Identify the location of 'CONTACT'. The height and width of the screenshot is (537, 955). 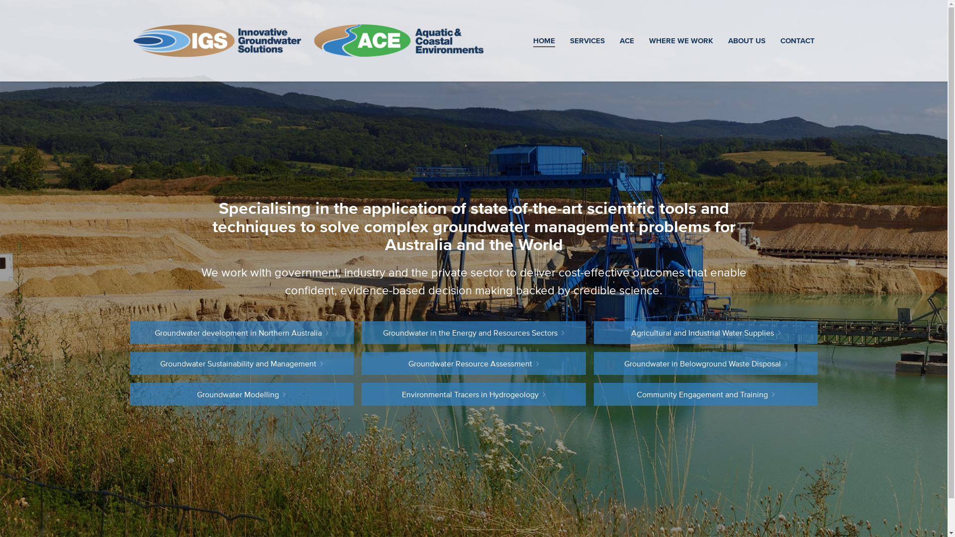
(797, 40).